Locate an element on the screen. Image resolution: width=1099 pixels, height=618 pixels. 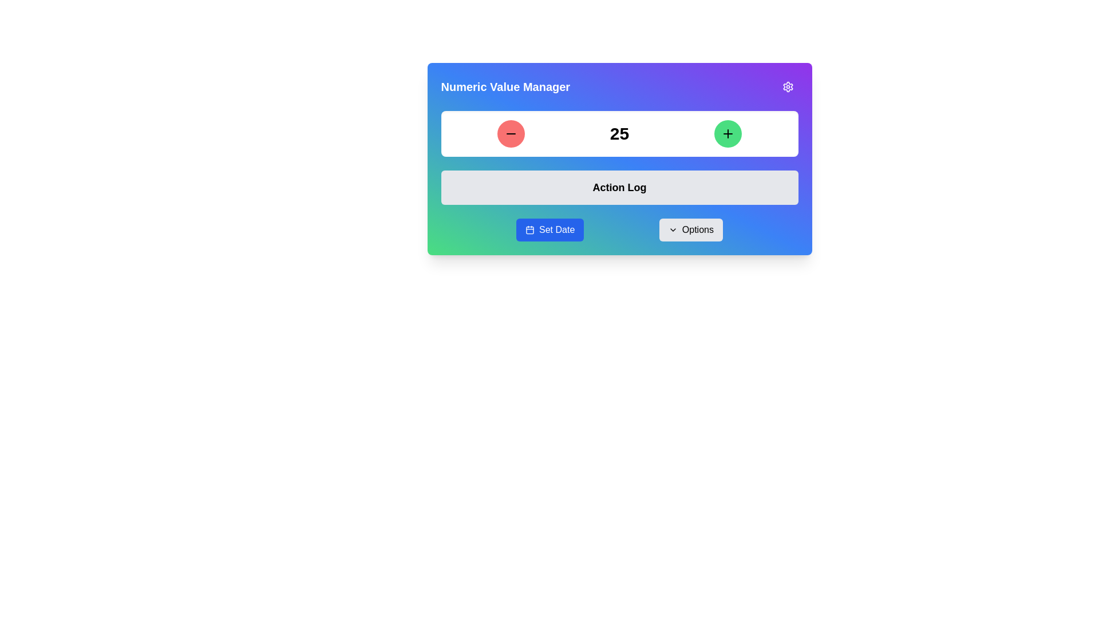
the numeric value display showing '25' in a bold, large font, located within a white rectangular box below the title 'Numeric Value Manager' is located at coordinates (619, 133).